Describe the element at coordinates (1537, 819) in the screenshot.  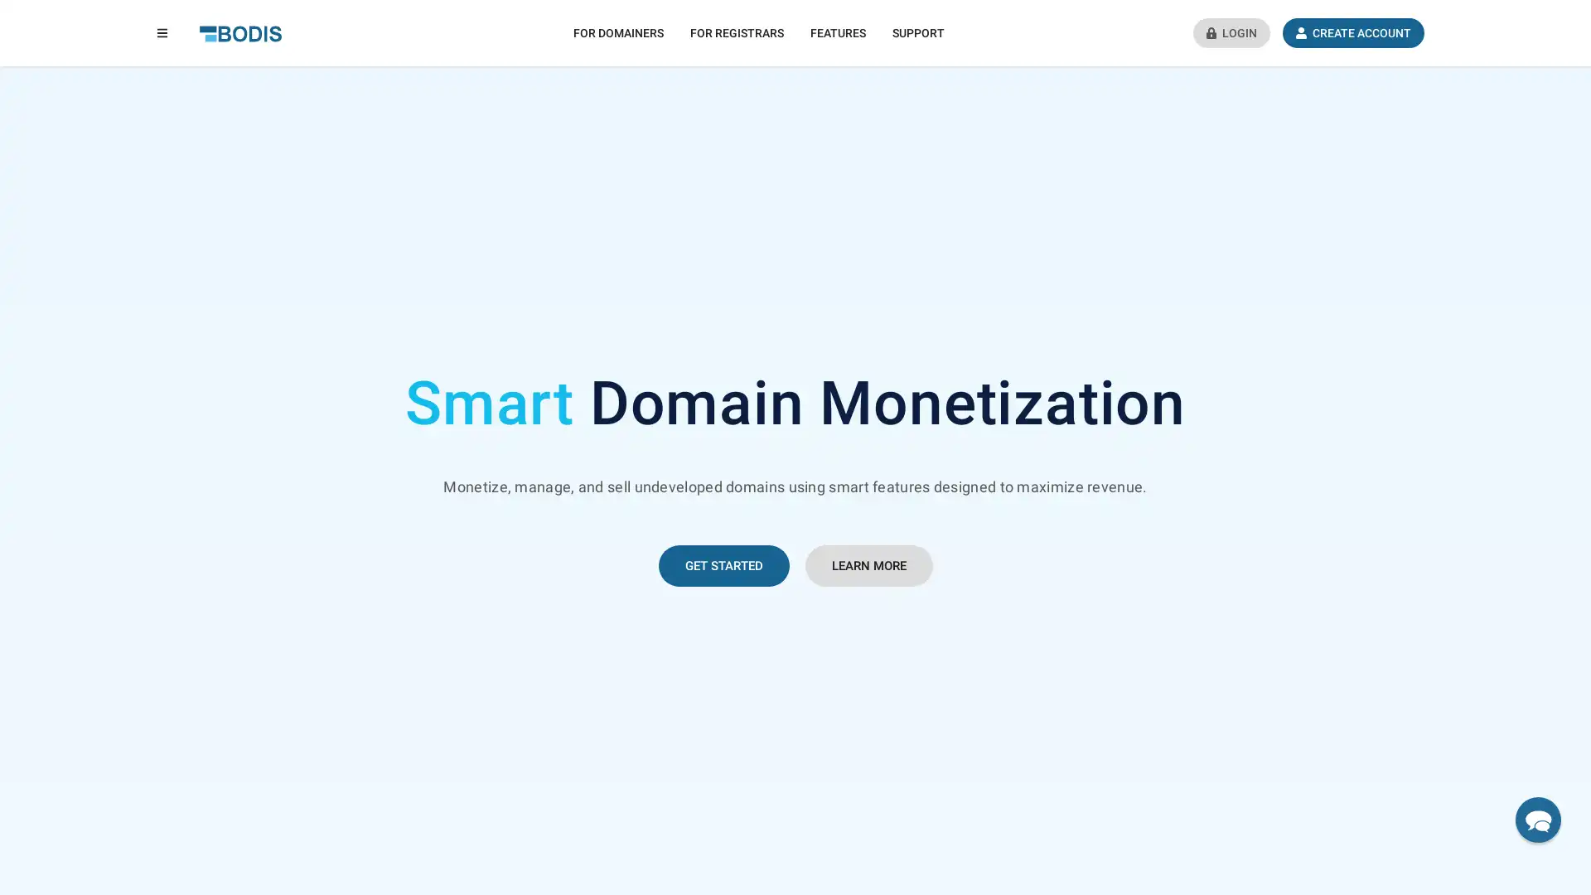
I see `Chat widget toggle` at that location.